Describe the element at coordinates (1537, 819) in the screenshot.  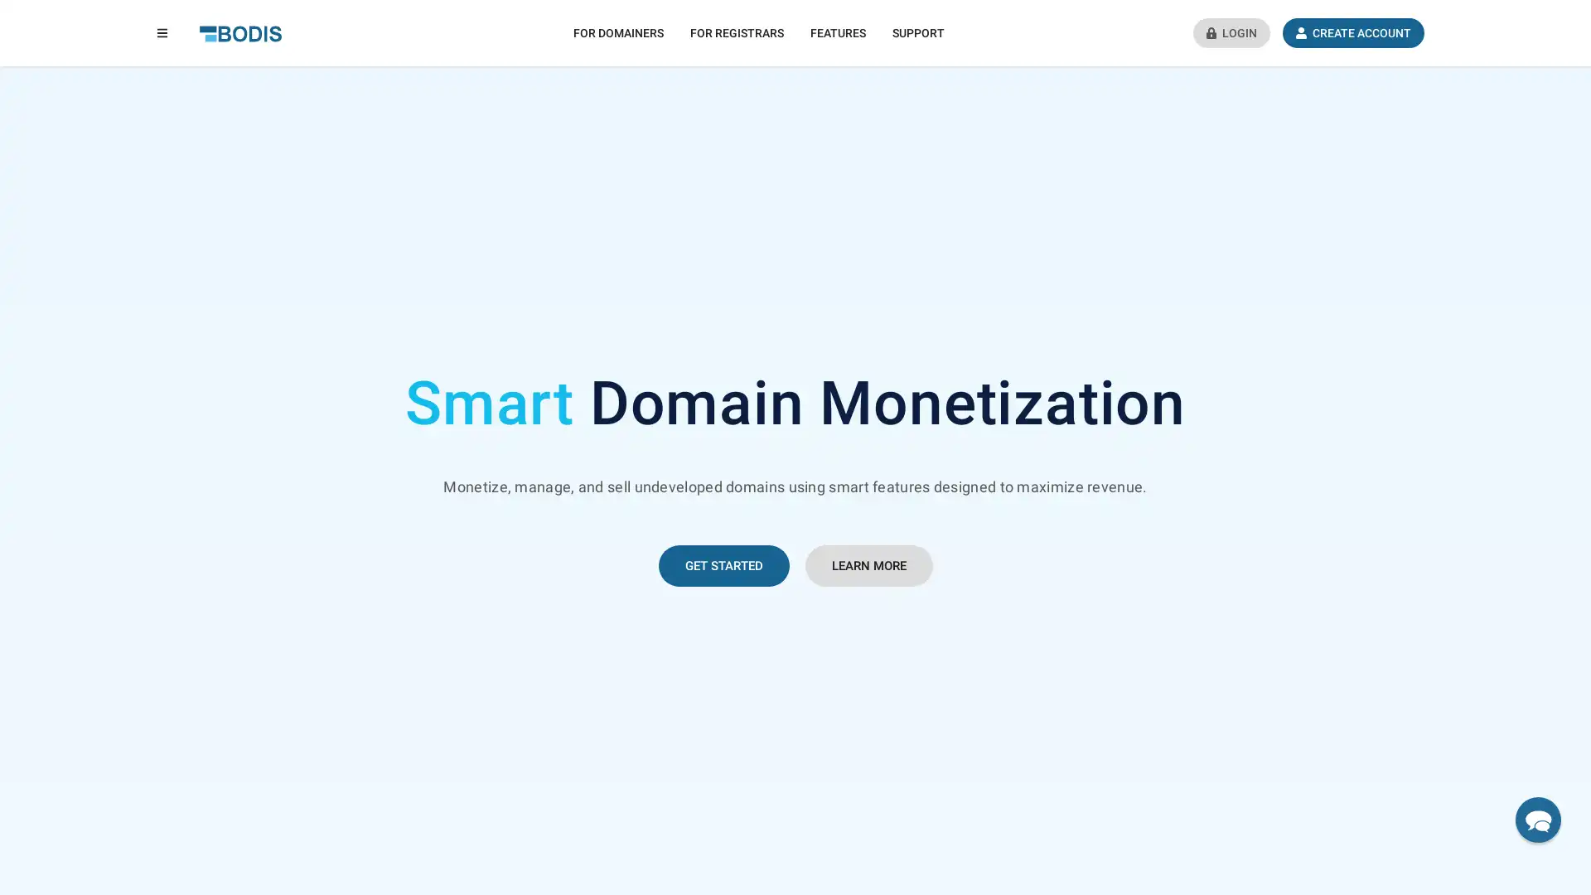
I see `Chat widget toggle` at that location.